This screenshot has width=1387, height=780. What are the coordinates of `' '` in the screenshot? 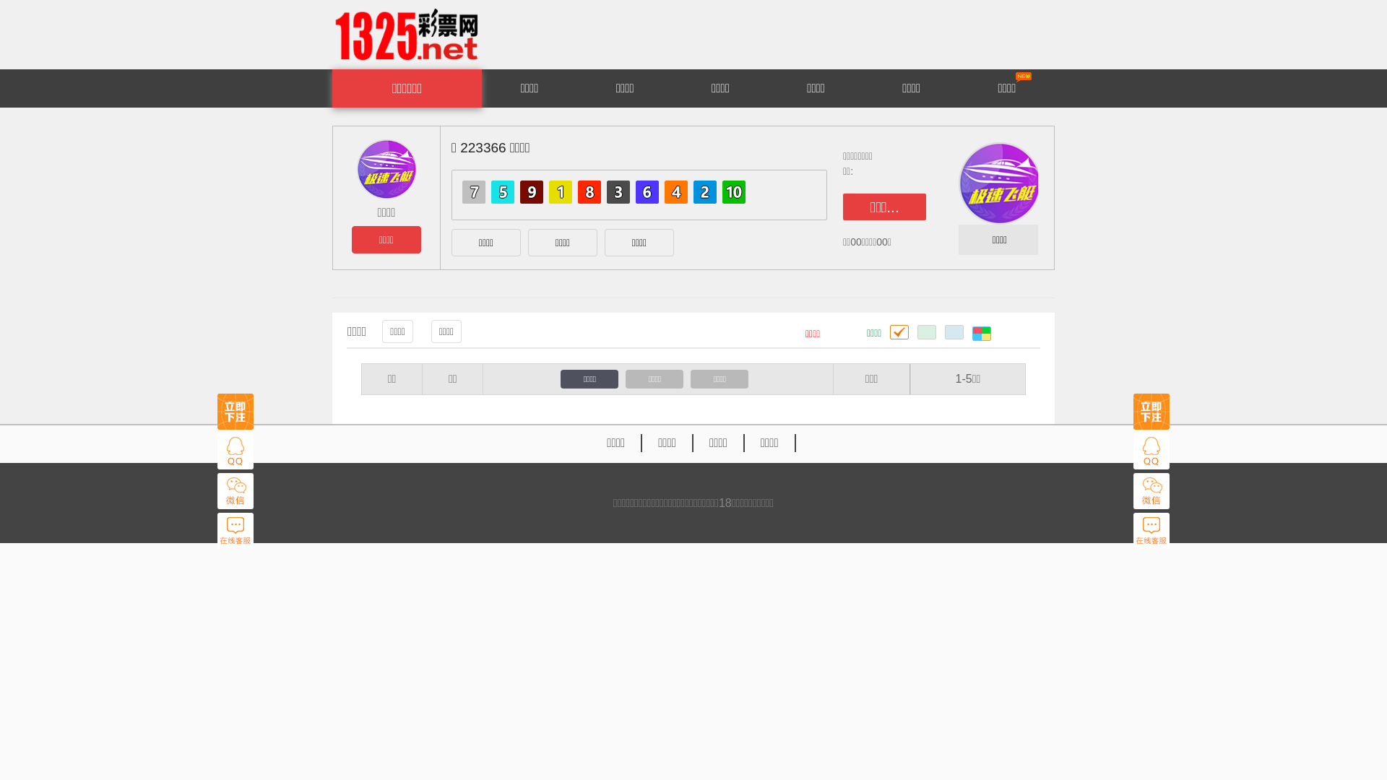 It's located at (981, 333).